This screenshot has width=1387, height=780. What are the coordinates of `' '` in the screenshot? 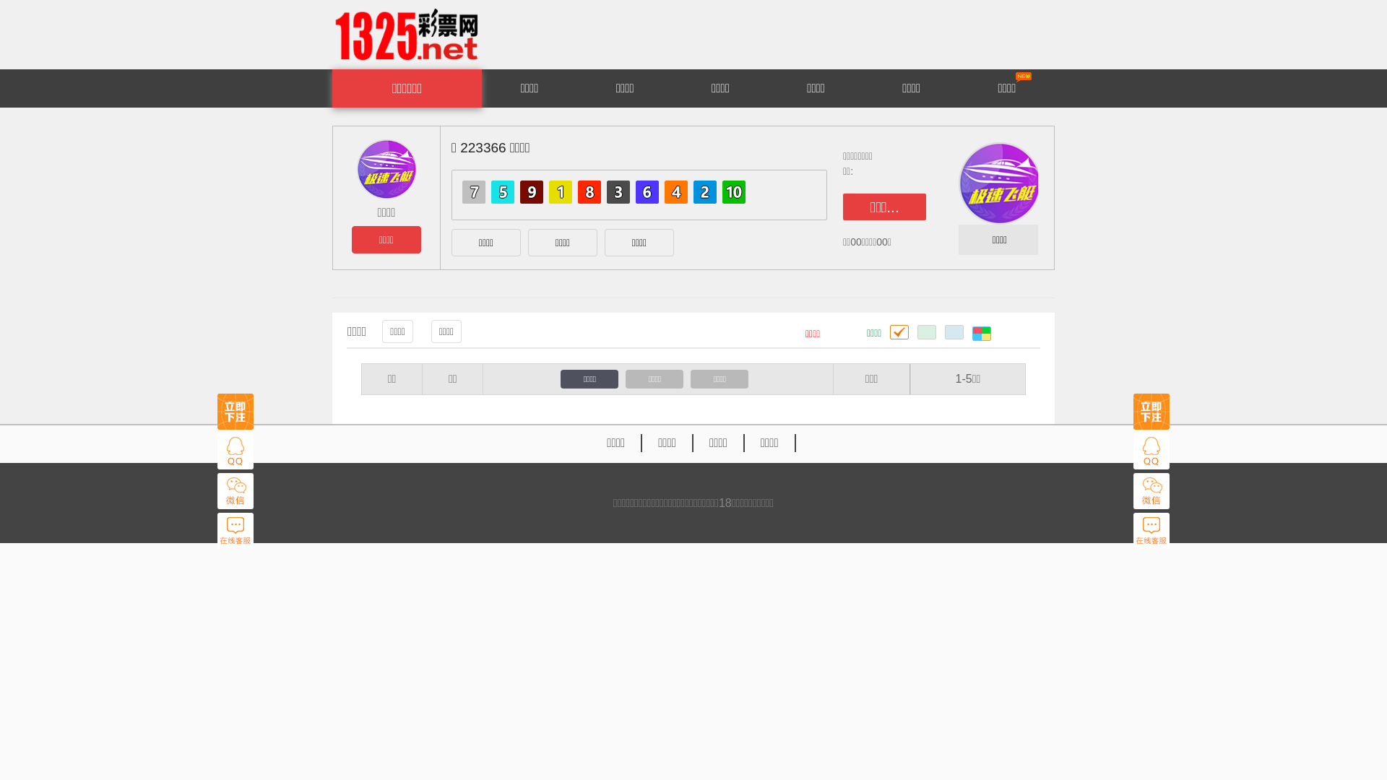 It's located at (981, 333).